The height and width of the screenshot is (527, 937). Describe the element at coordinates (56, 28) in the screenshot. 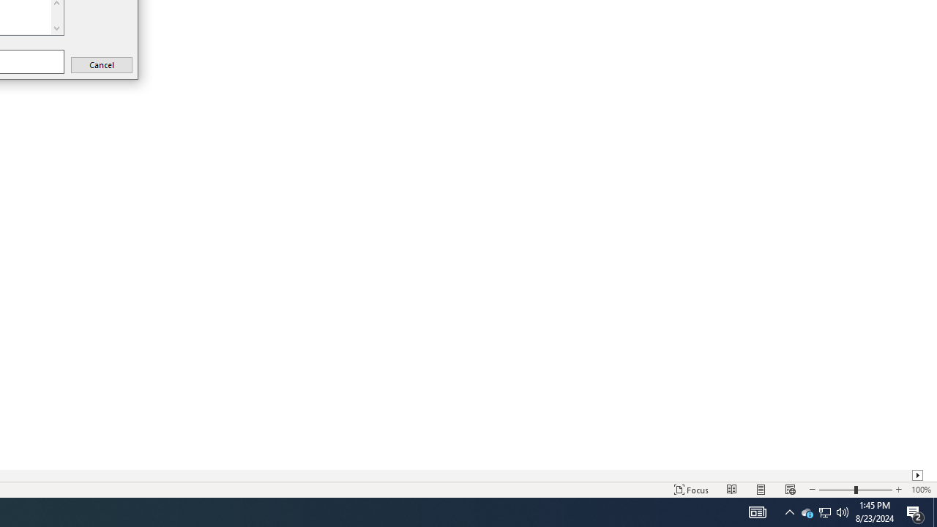

I see `'Line down'` at that location.